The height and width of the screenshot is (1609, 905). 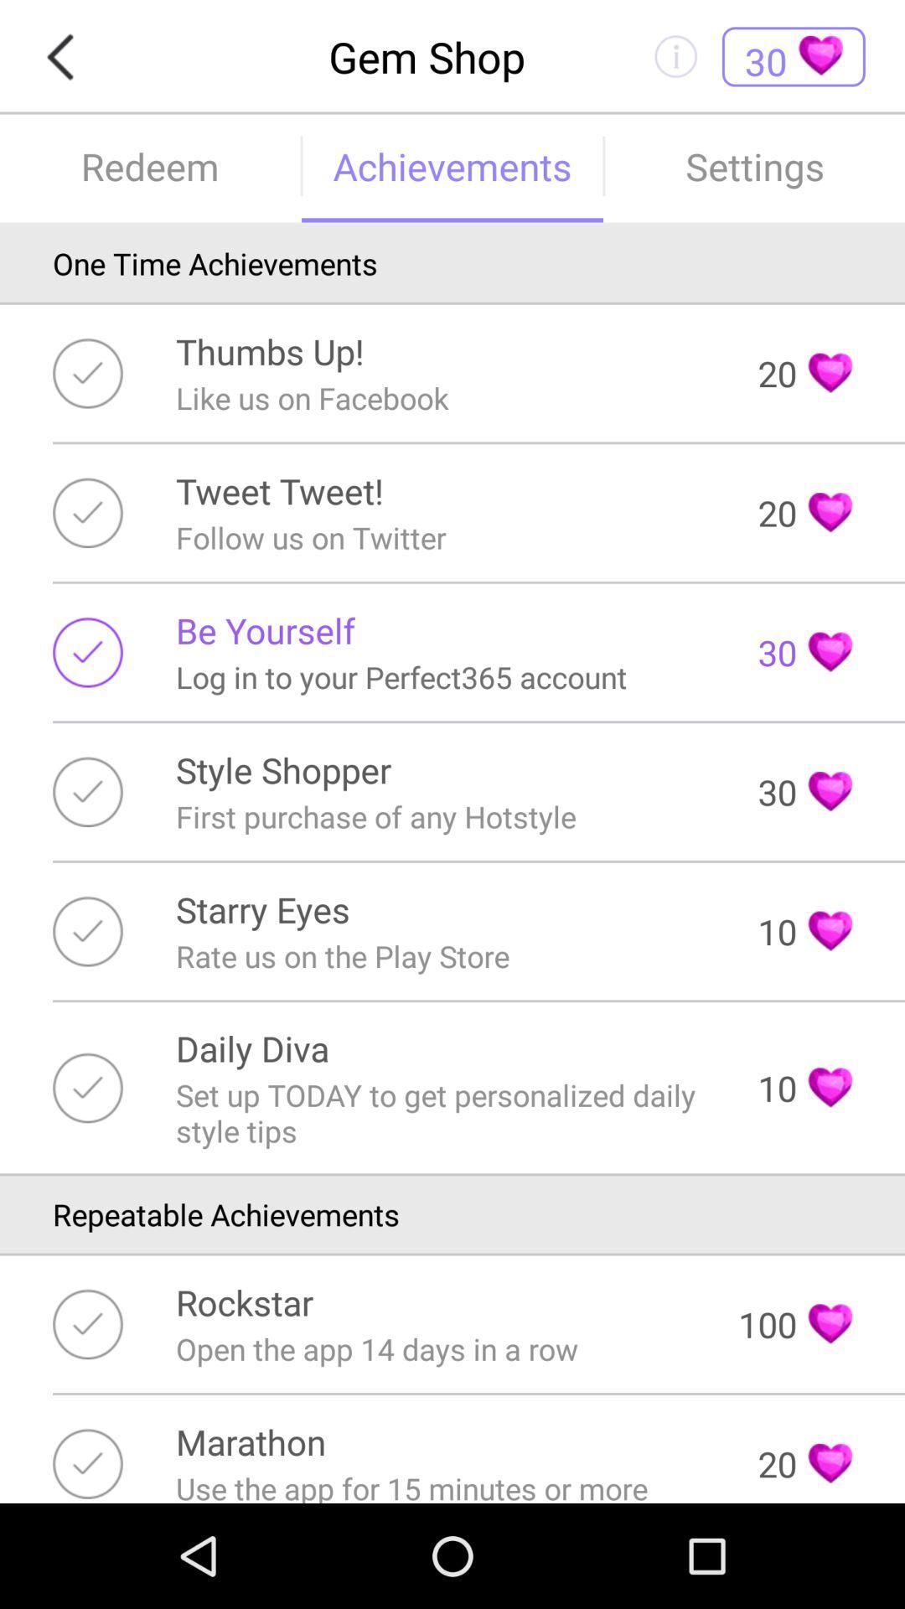 I want to click on one time achievements item, so click(x=452, y=262).